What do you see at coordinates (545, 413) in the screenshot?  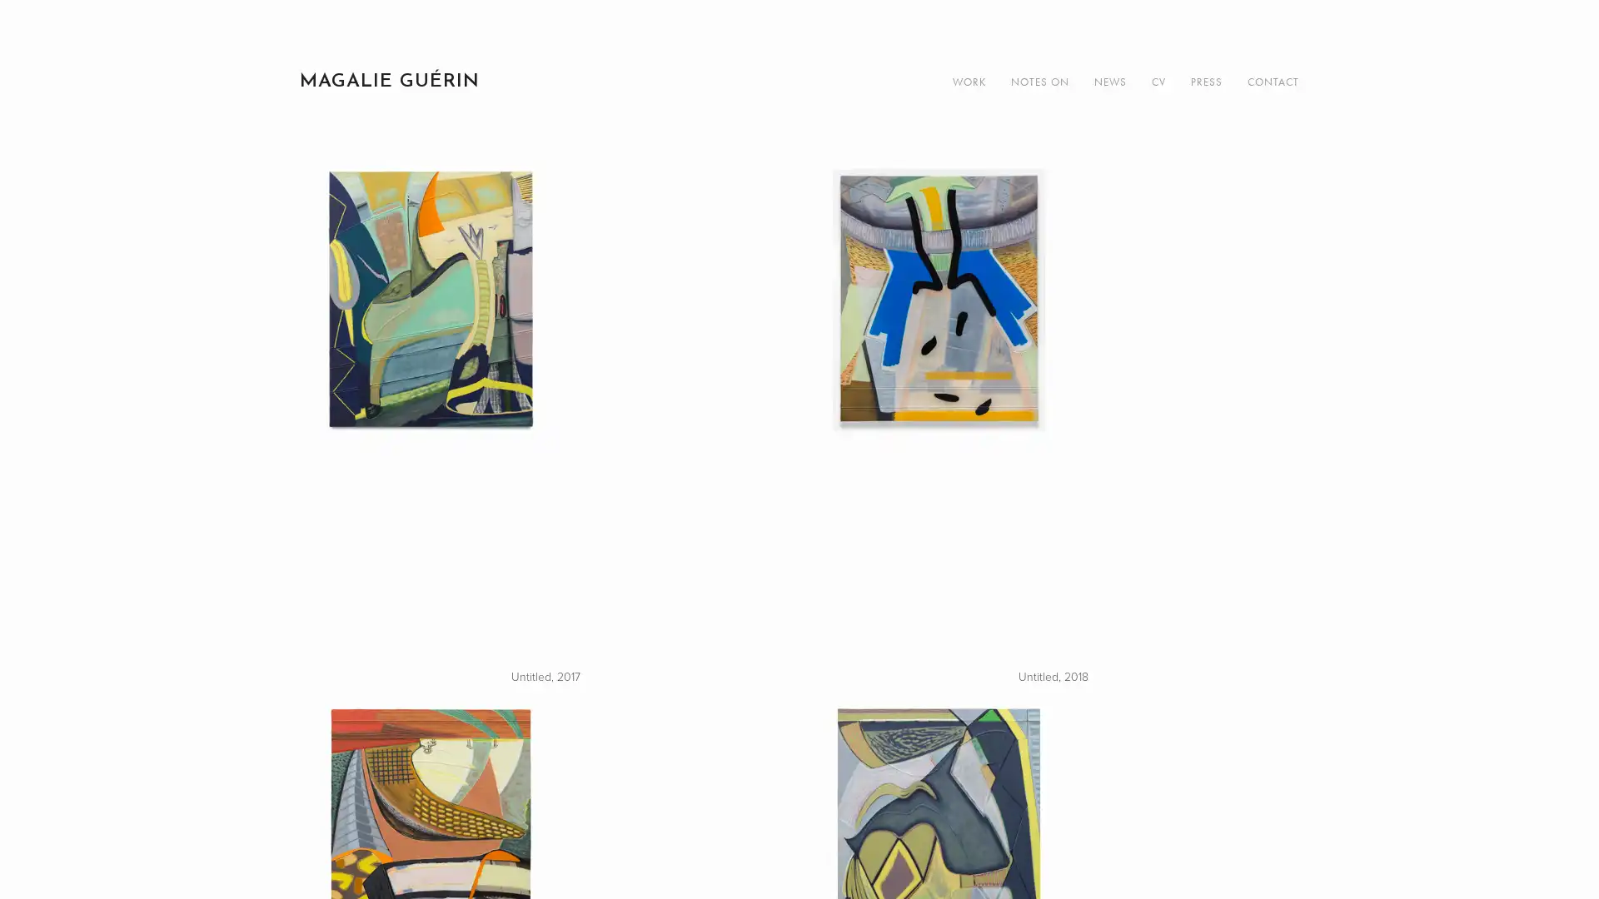 I see `View fullsize Untitled, 2017` at bounding box center [545, 413].